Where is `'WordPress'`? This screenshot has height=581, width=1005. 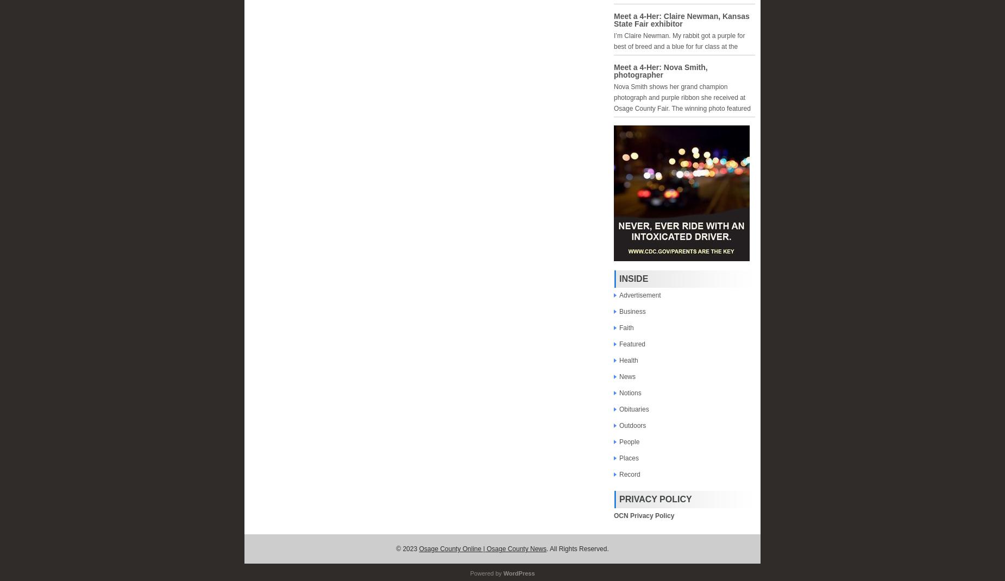
'WordPress' is located at coordinates (518, 573).